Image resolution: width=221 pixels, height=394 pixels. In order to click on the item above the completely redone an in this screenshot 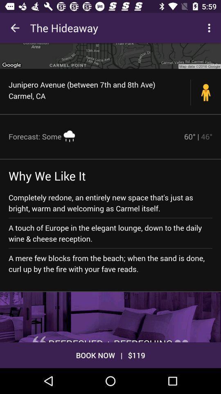, I will do `click(47, 176)`.